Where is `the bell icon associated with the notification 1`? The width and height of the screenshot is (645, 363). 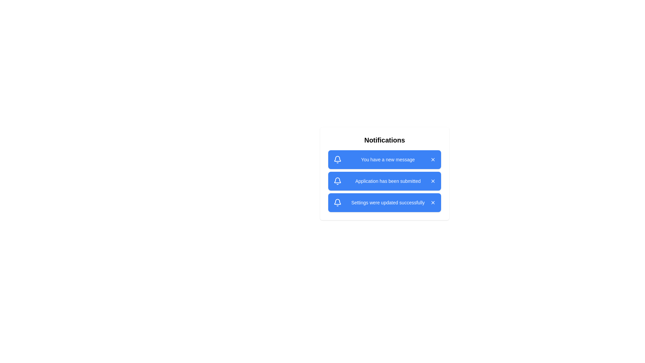
the bell icon associated with the notification 1 is located at coordinates (337, 159).